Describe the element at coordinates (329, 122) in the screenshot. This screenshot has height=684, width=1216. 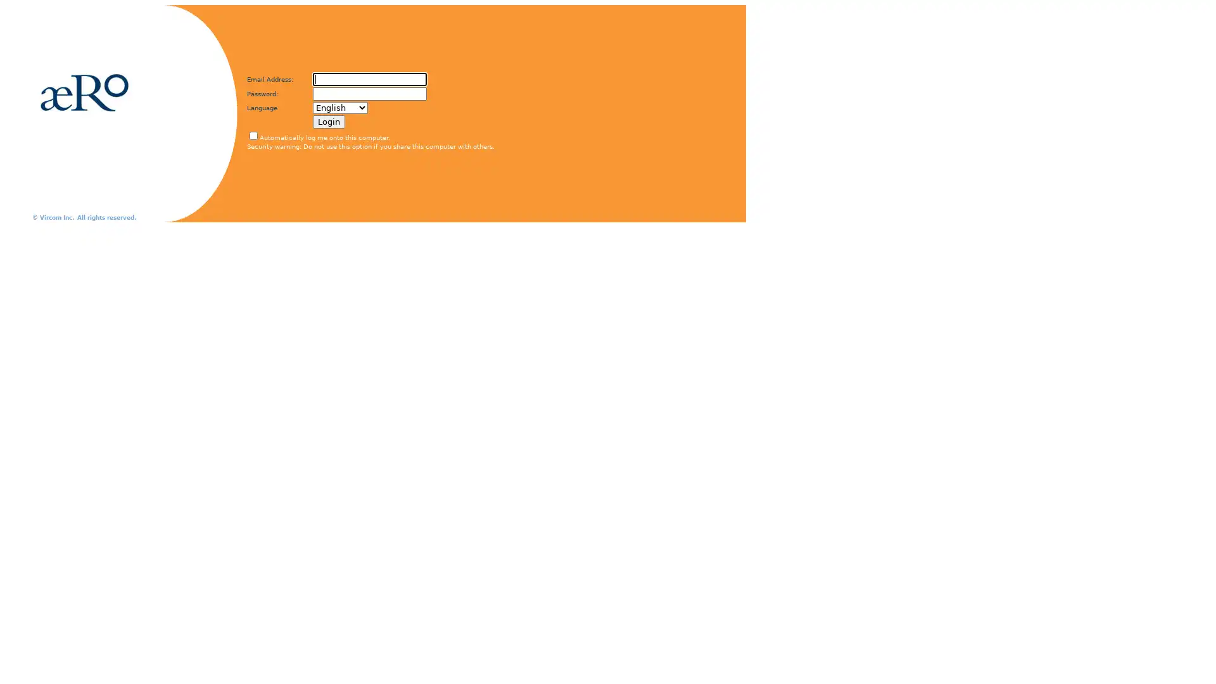
I see `Login` at that location.